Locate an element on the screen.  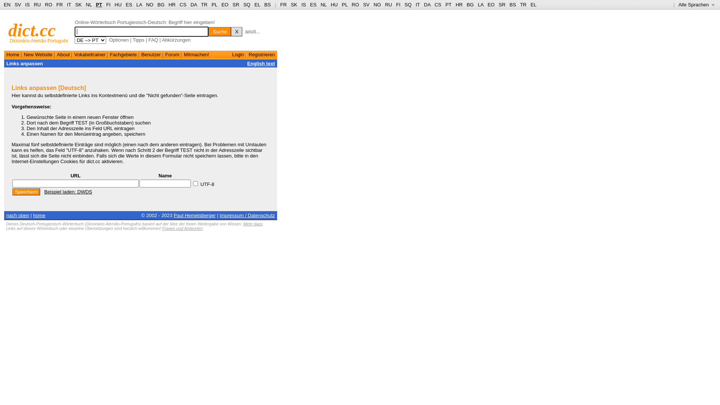
'PT' is located at coordinates (99, 4).